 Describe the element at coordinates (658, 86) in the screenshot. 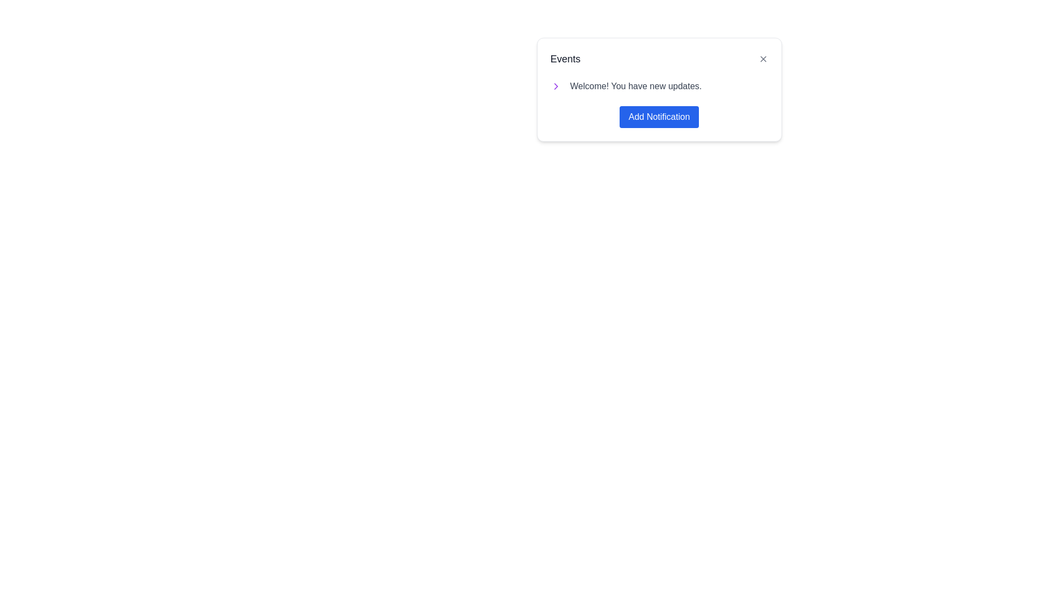

I see `the Text display with an associated icon located under the 'Events' heading and above the 'Add Notification' button` at that location.